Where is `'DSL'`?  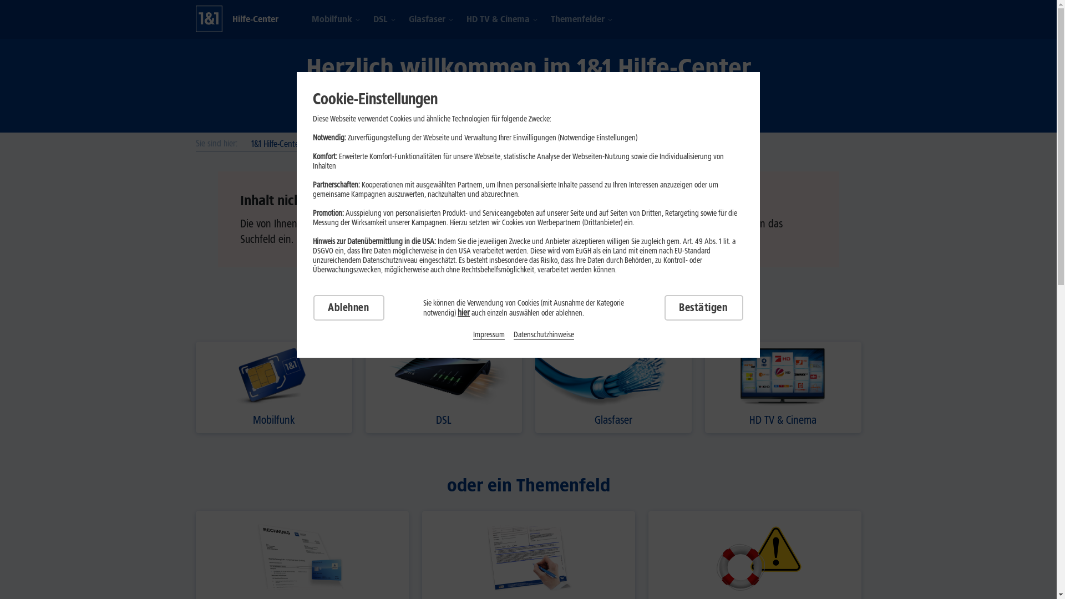 'DSL' is located at coordinates (380, 19).